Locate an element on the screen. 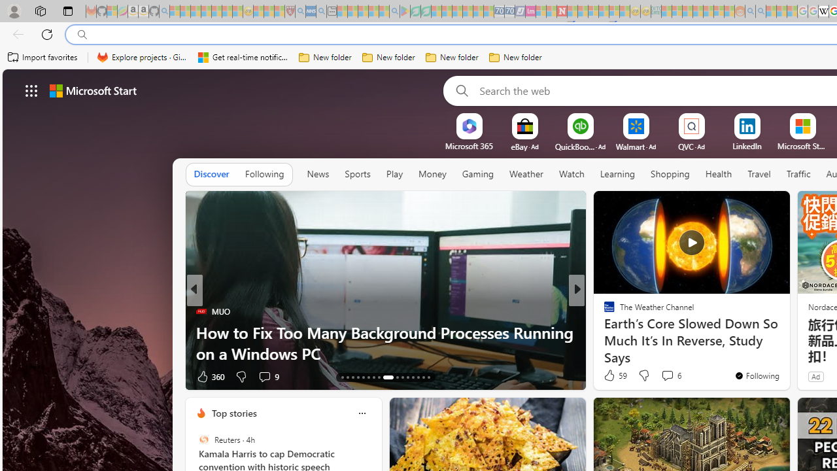  'google - Search - Sleeping' is located at coordinates (394, 11).